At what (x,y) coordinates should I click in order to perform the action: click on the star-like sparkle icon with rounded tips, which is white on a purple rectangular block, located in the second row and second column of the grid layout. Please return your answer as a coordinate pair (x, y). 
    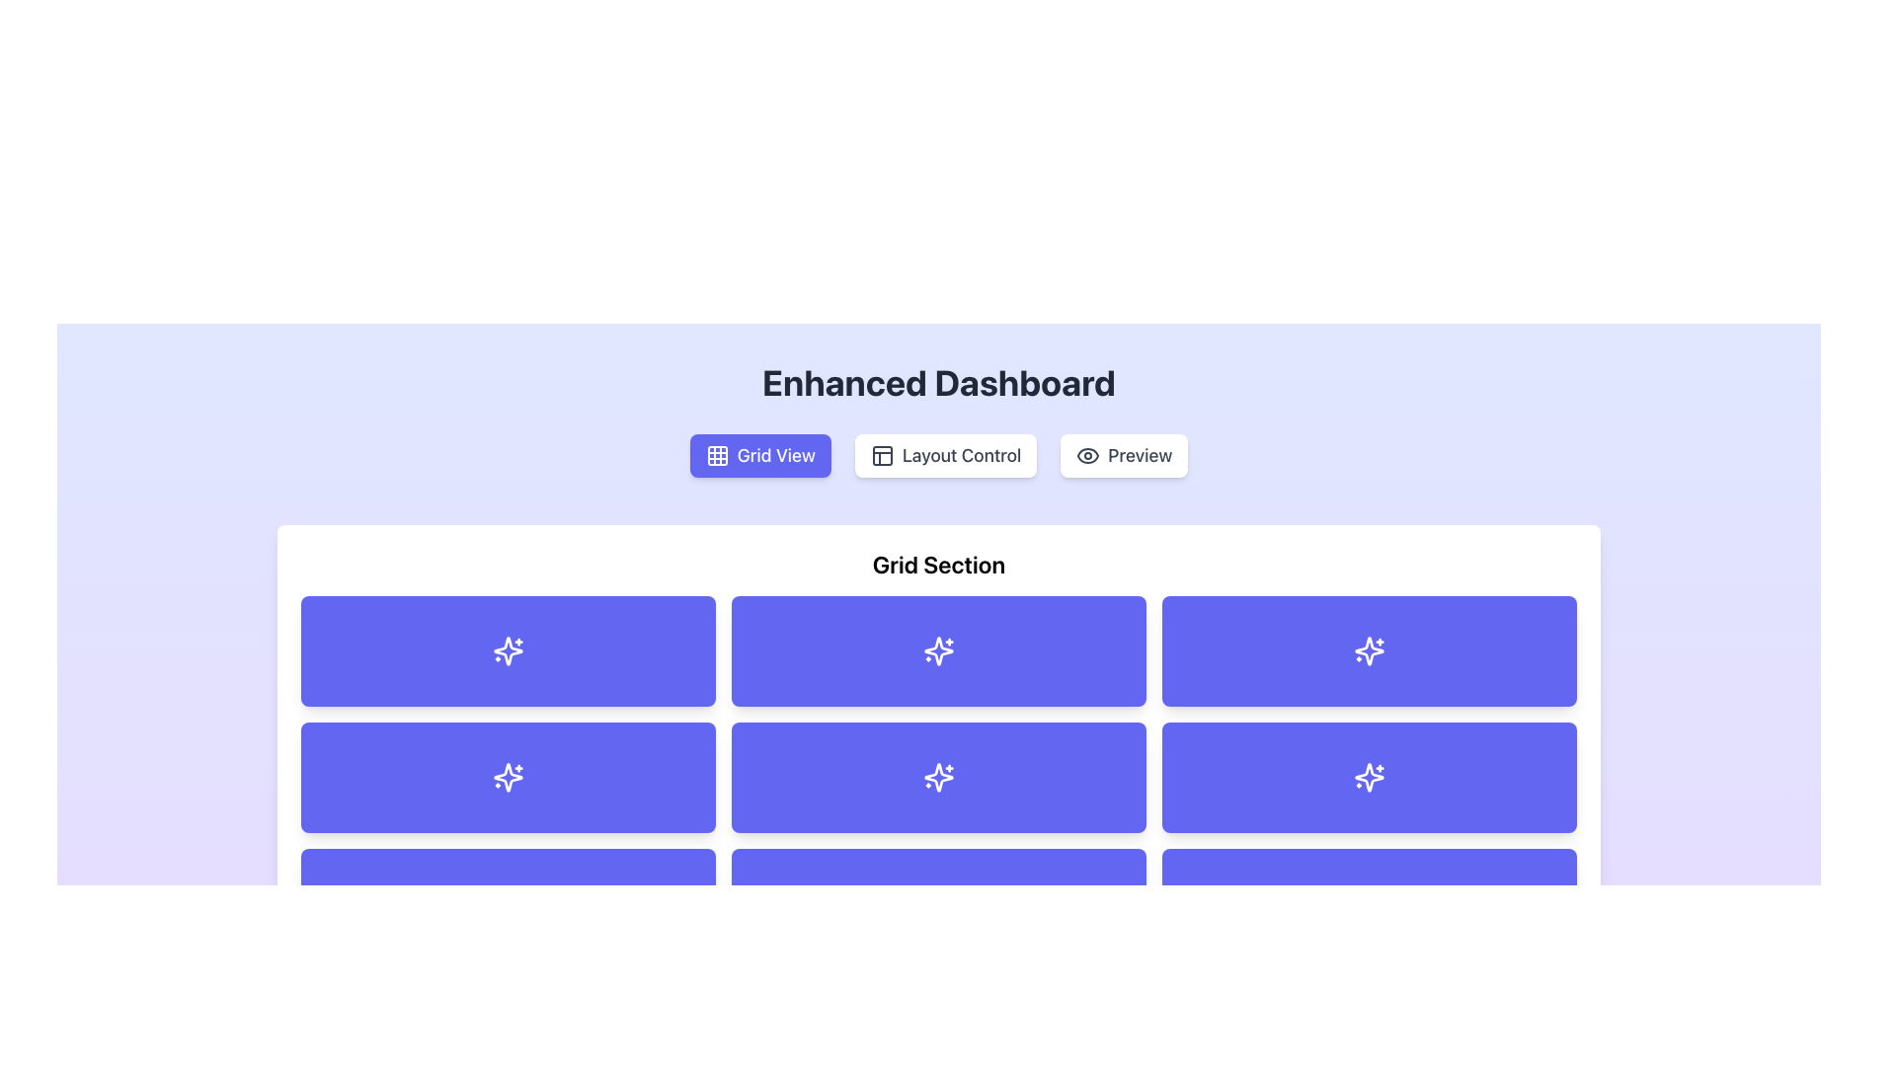
    Looking at the image, I should click on (1368, 650).